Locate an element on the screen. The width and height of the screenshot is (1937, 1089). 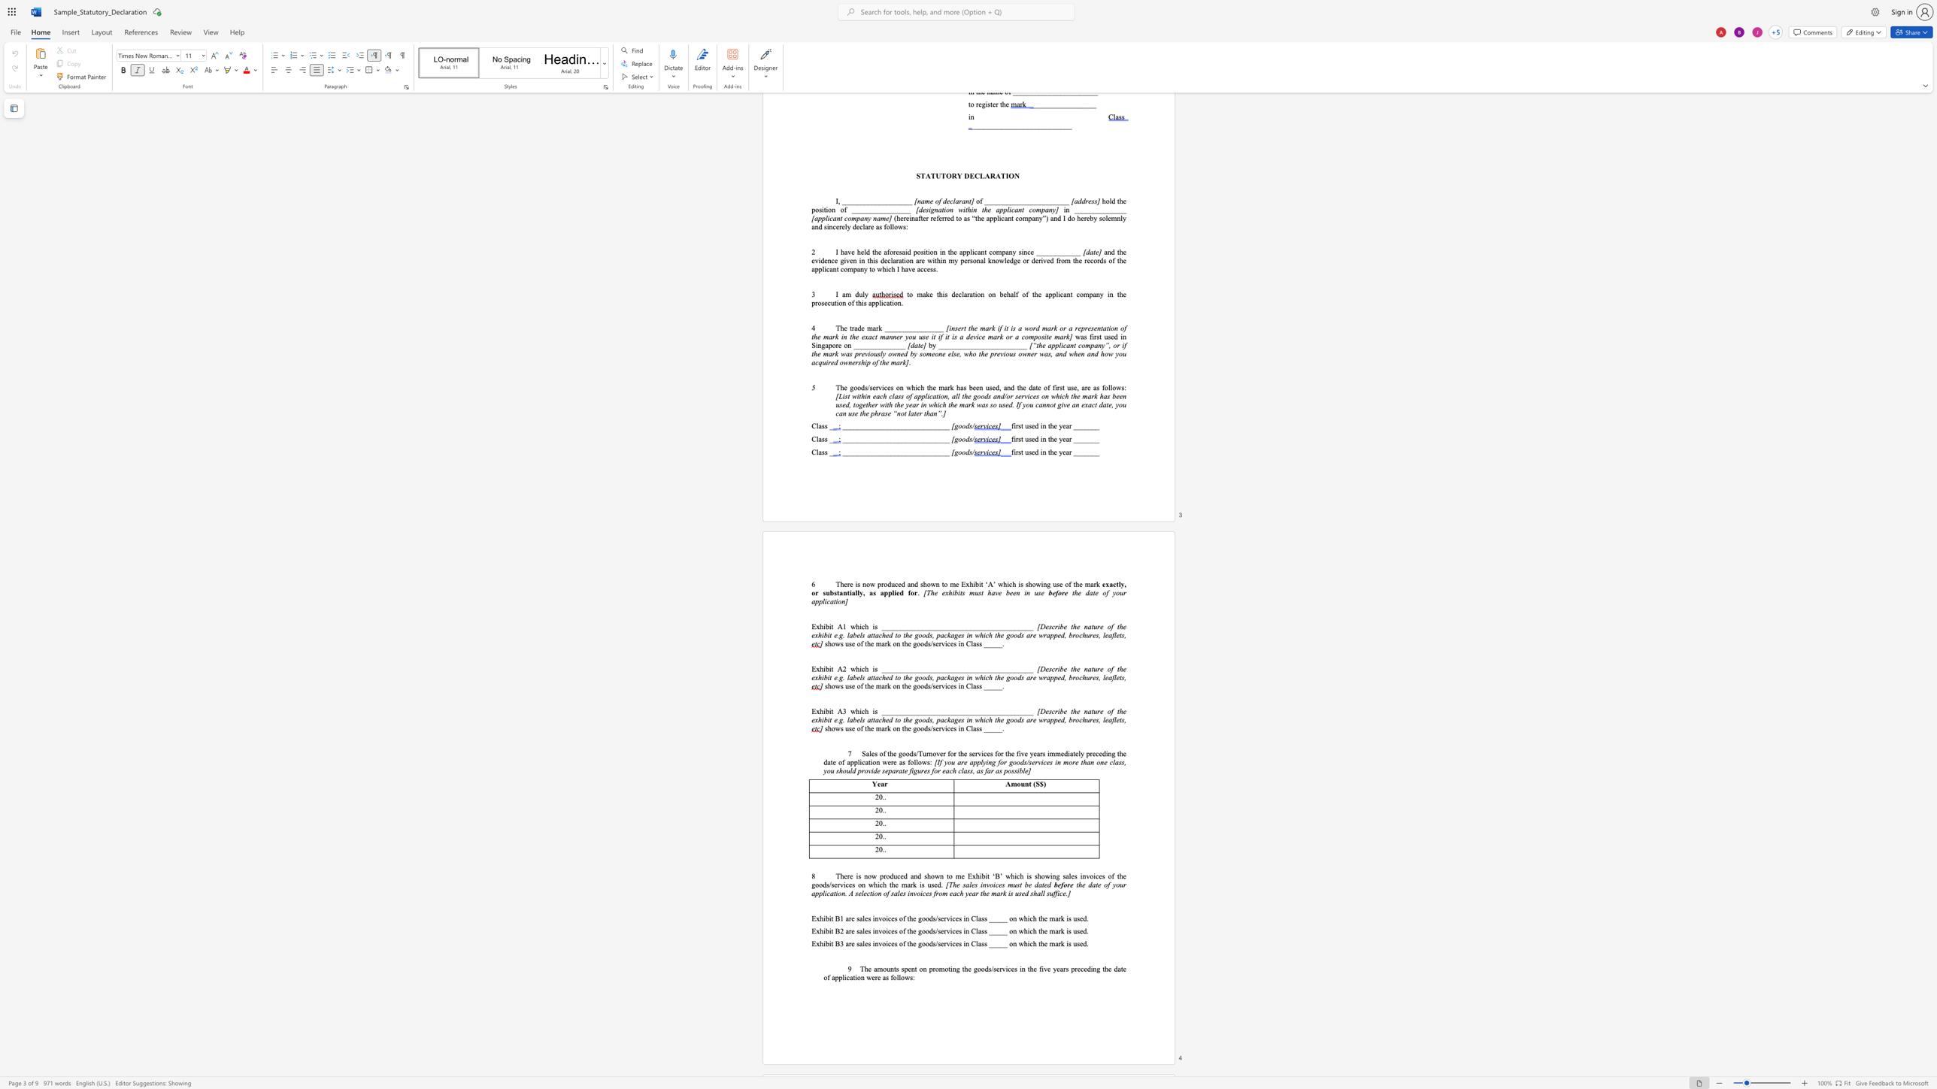
the 33th character "_" in the text is located at coordinates (1002, 710).